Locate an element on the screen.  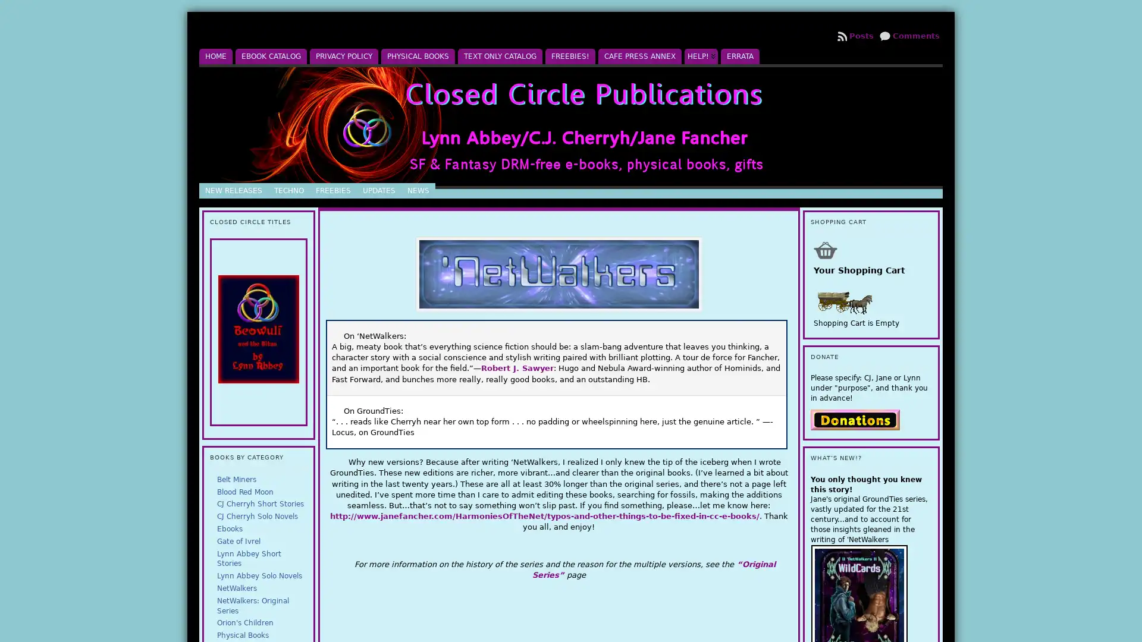
PayPal - The safer, easier way to pay online. is located at coordinates (854, 418).